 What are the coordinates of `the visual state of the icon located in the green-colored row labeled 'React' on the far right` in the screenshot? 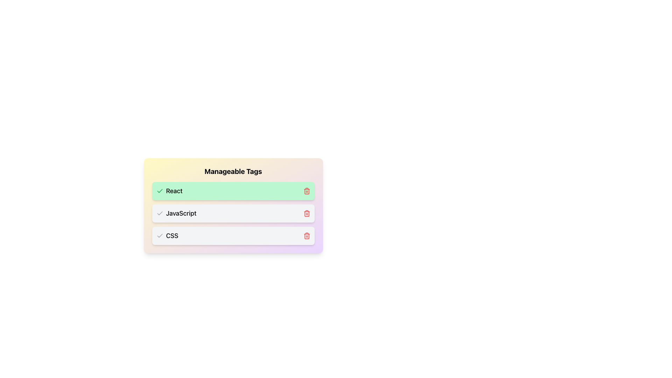 It's located at (159, 191).